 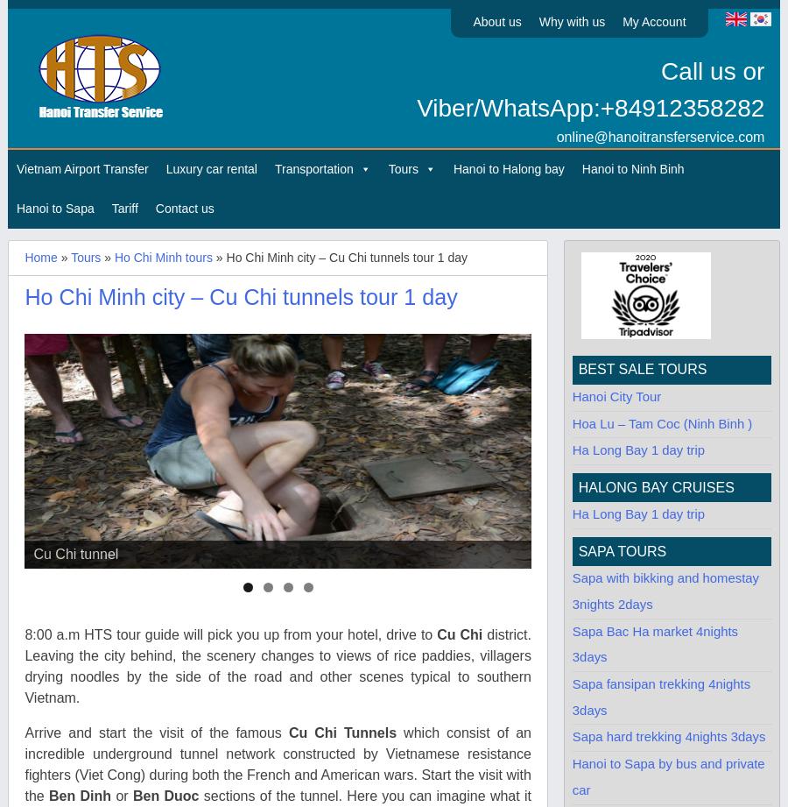 I want to click on 'district. Leaving the city behind, the scenery changes to views of rice paddies, villagers drying noodles by the side of the road and other scenes typical to southern Vietnam.', so click(x=276, y=666).